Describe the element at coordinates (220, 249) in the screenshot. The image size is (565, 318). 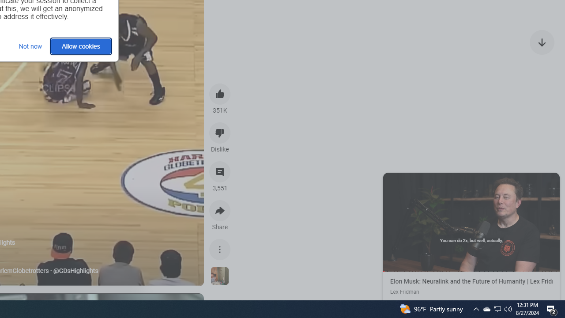
I see `'More actions'` at that location.